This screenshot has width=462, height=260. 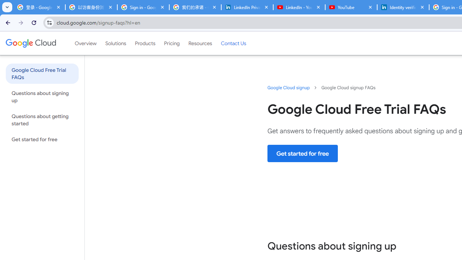 I want to click on 'Products', so click(x=144, y=43).